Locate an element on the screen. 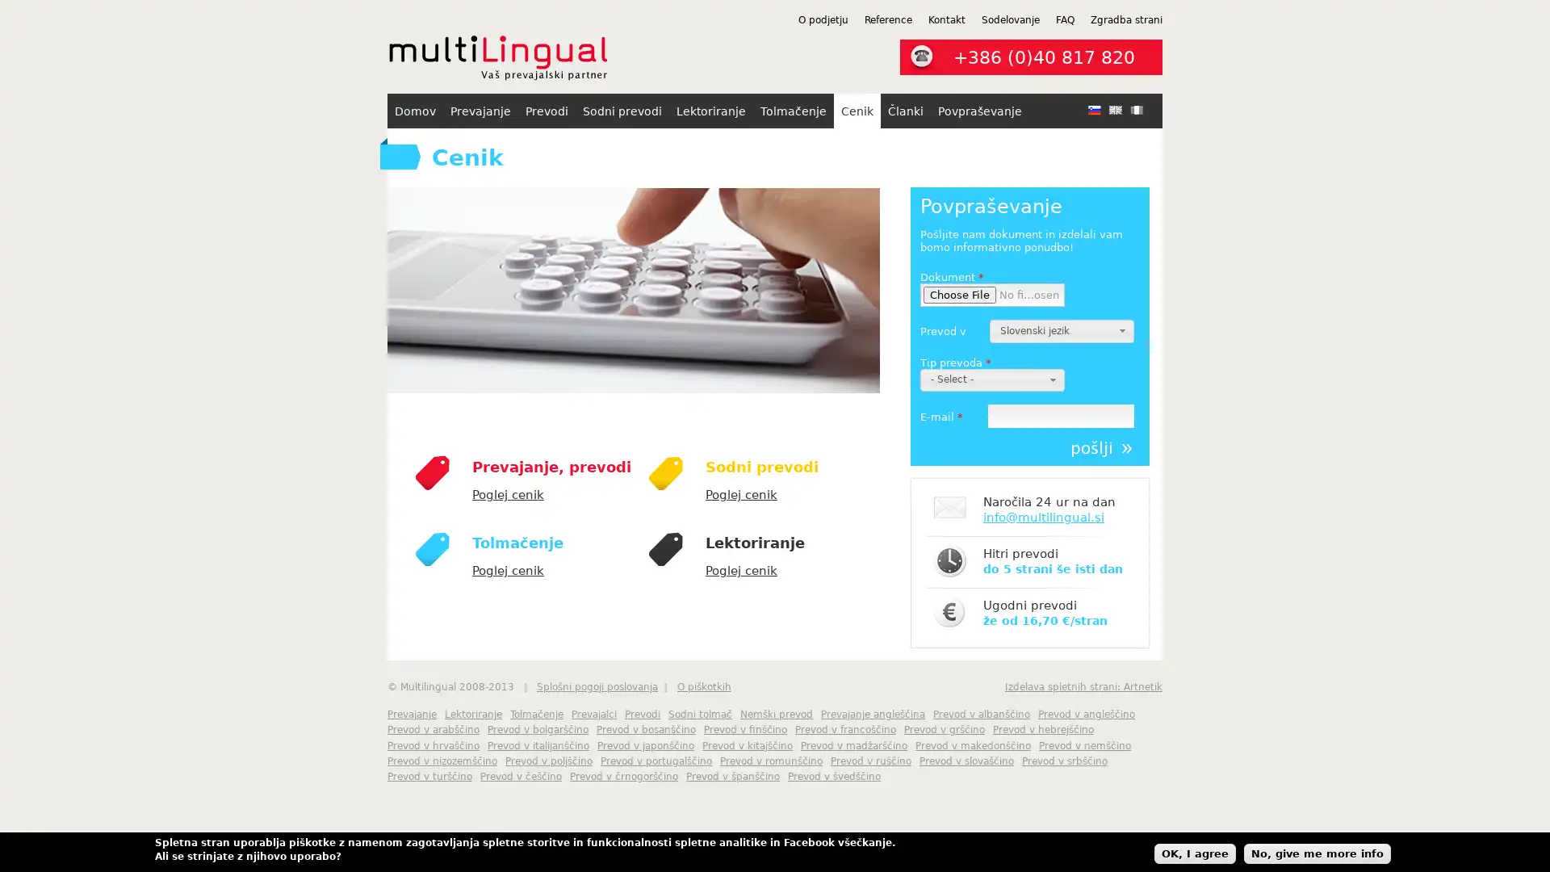 The image size is (1550, 872). OK, I agree is located at coordinates (1195, 852).